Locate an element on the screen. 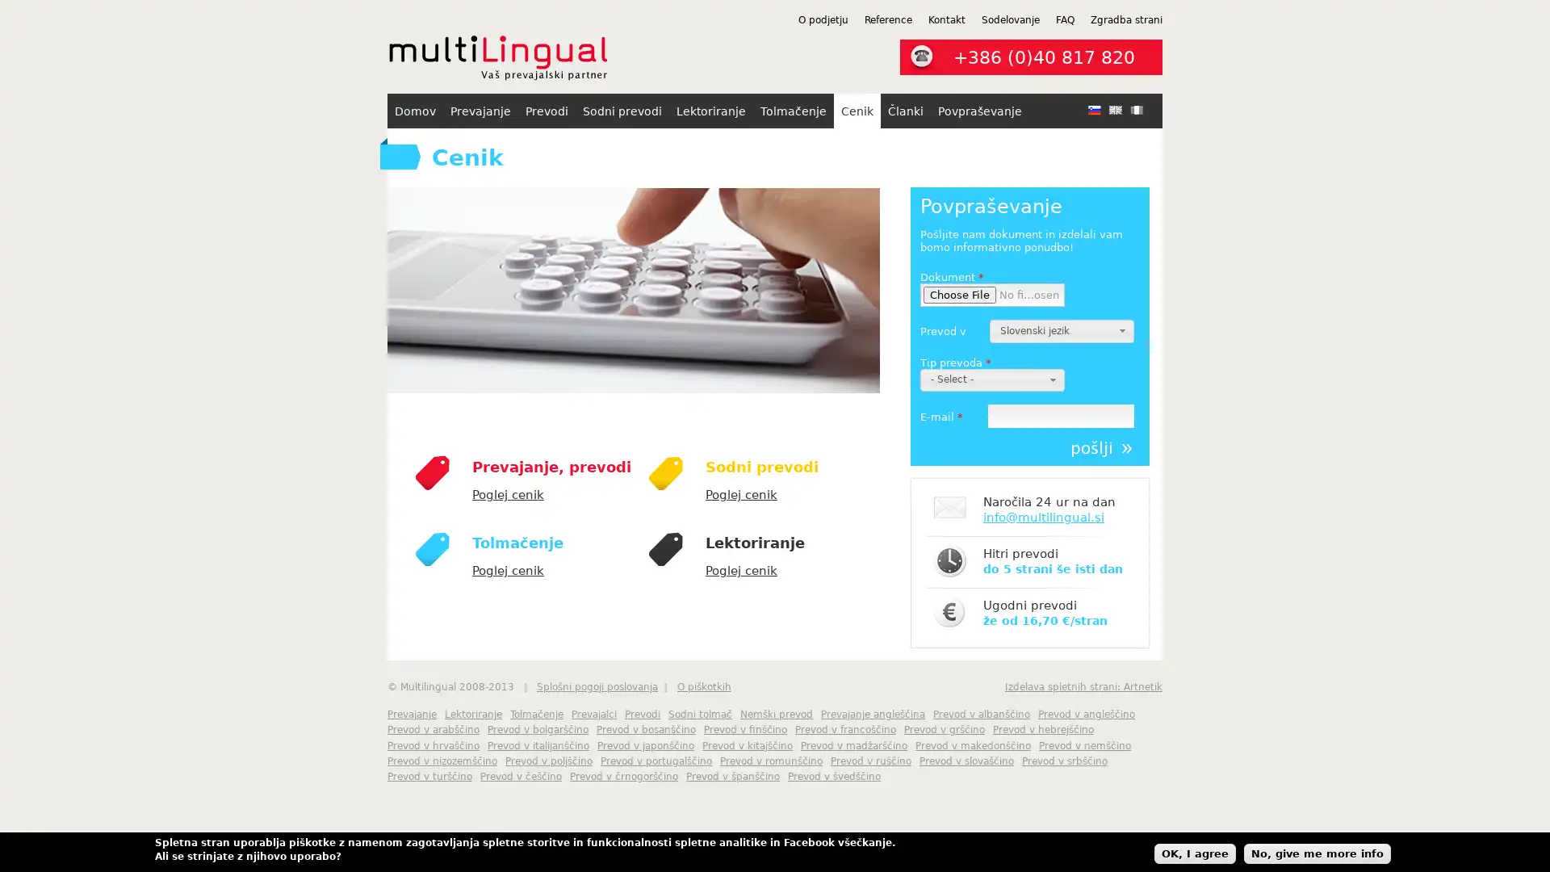 The image size is (1550, 872). OK, I agree is located at coordinates (1195, 852).